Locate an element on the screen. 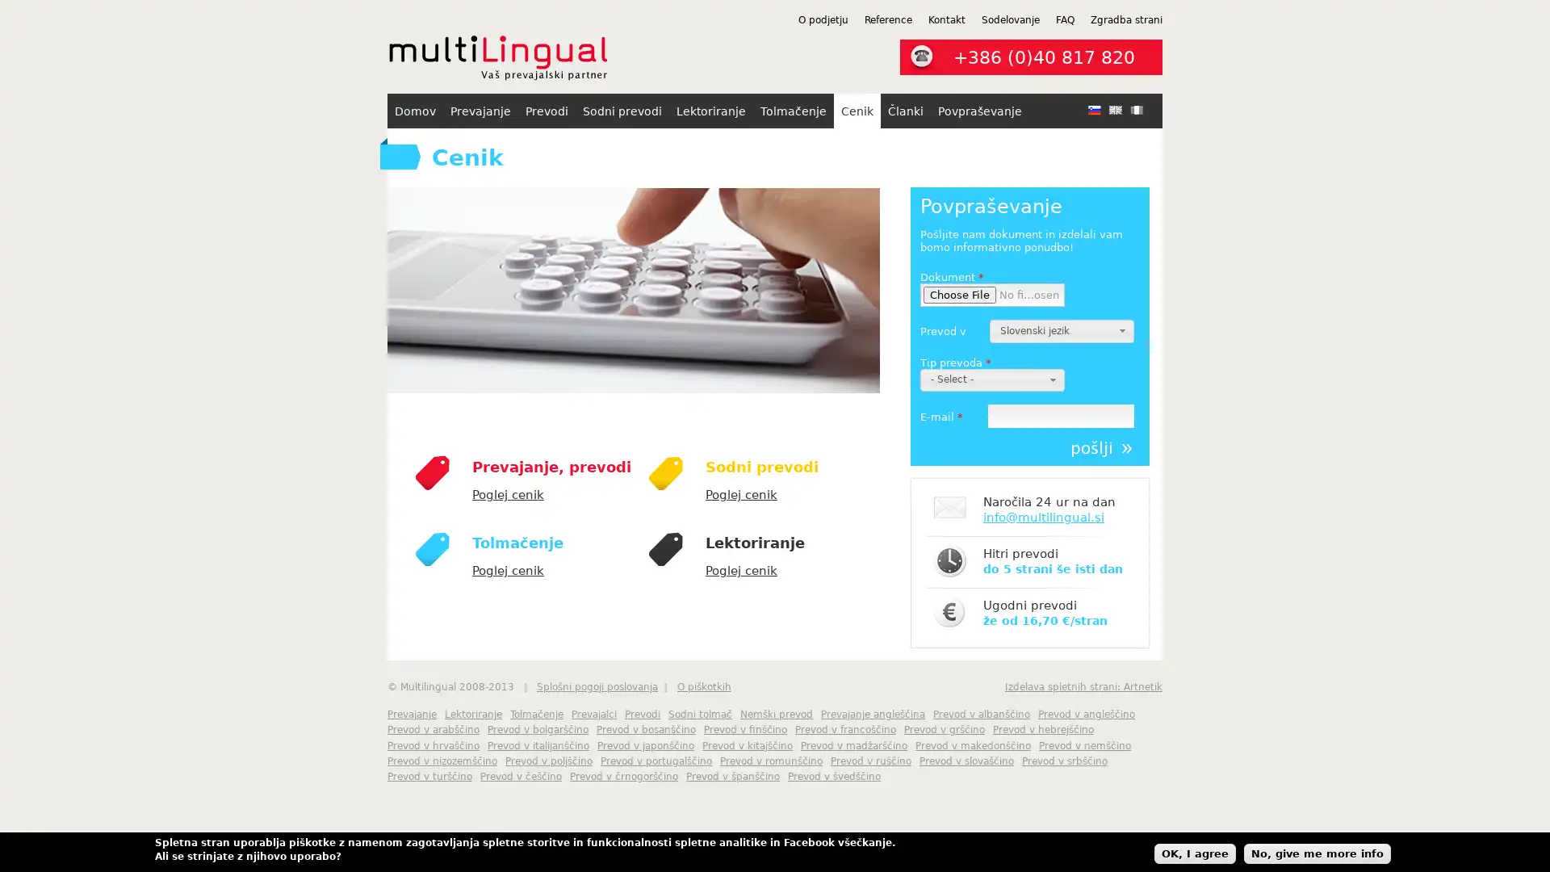 The image size is (1550, 872). OK, I agree is located at coordinates (1195, 852).